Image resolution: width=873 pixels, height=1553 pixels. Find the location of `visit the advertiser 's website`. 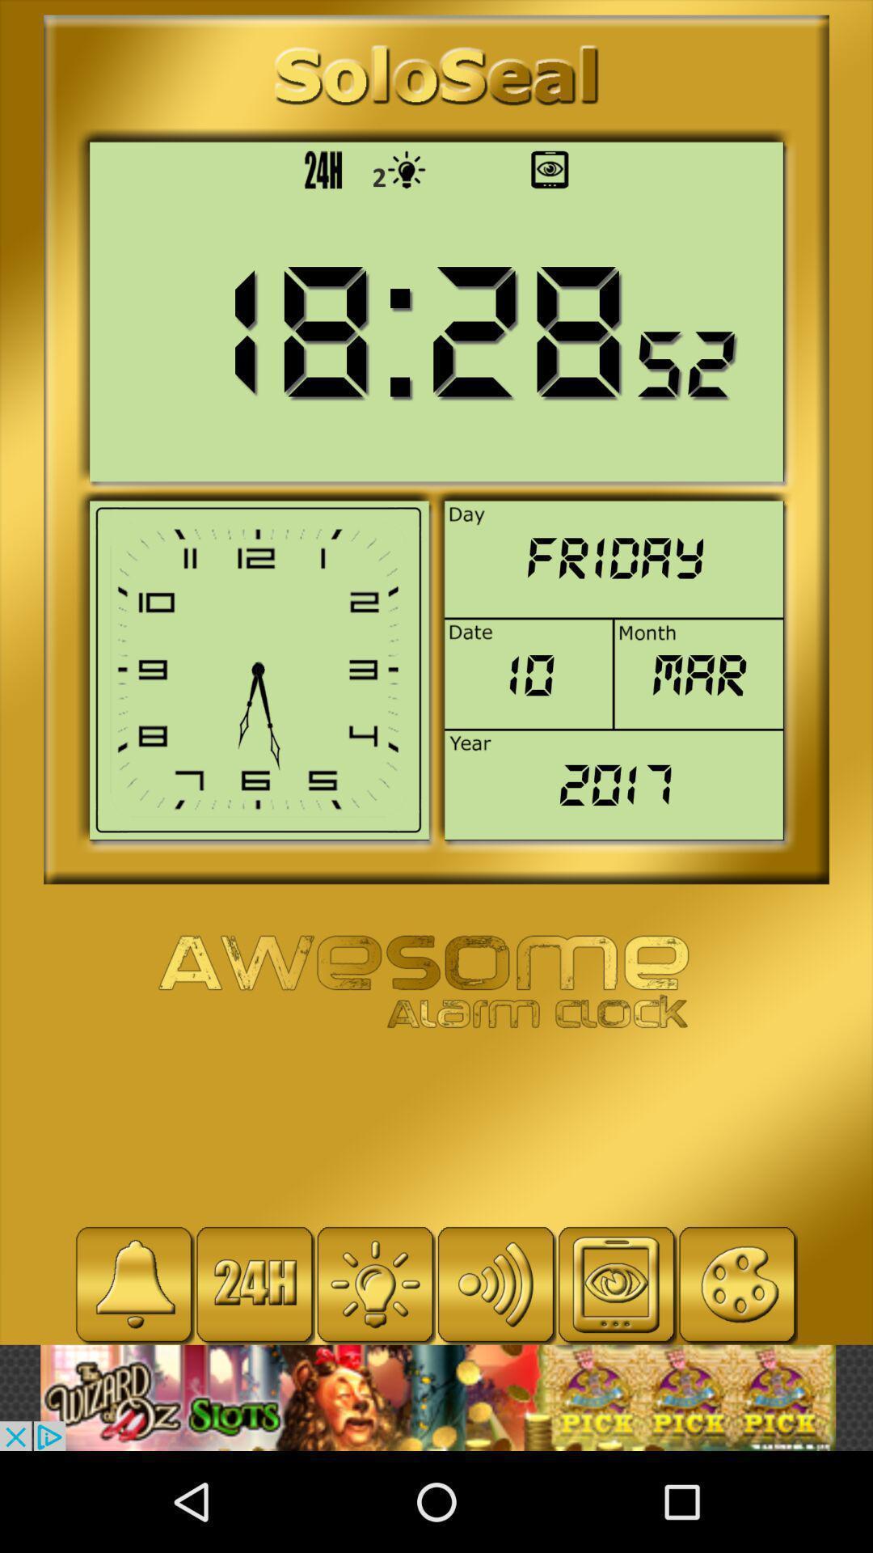

visit the advertiser 's website is located at coordinates (436, 1397).